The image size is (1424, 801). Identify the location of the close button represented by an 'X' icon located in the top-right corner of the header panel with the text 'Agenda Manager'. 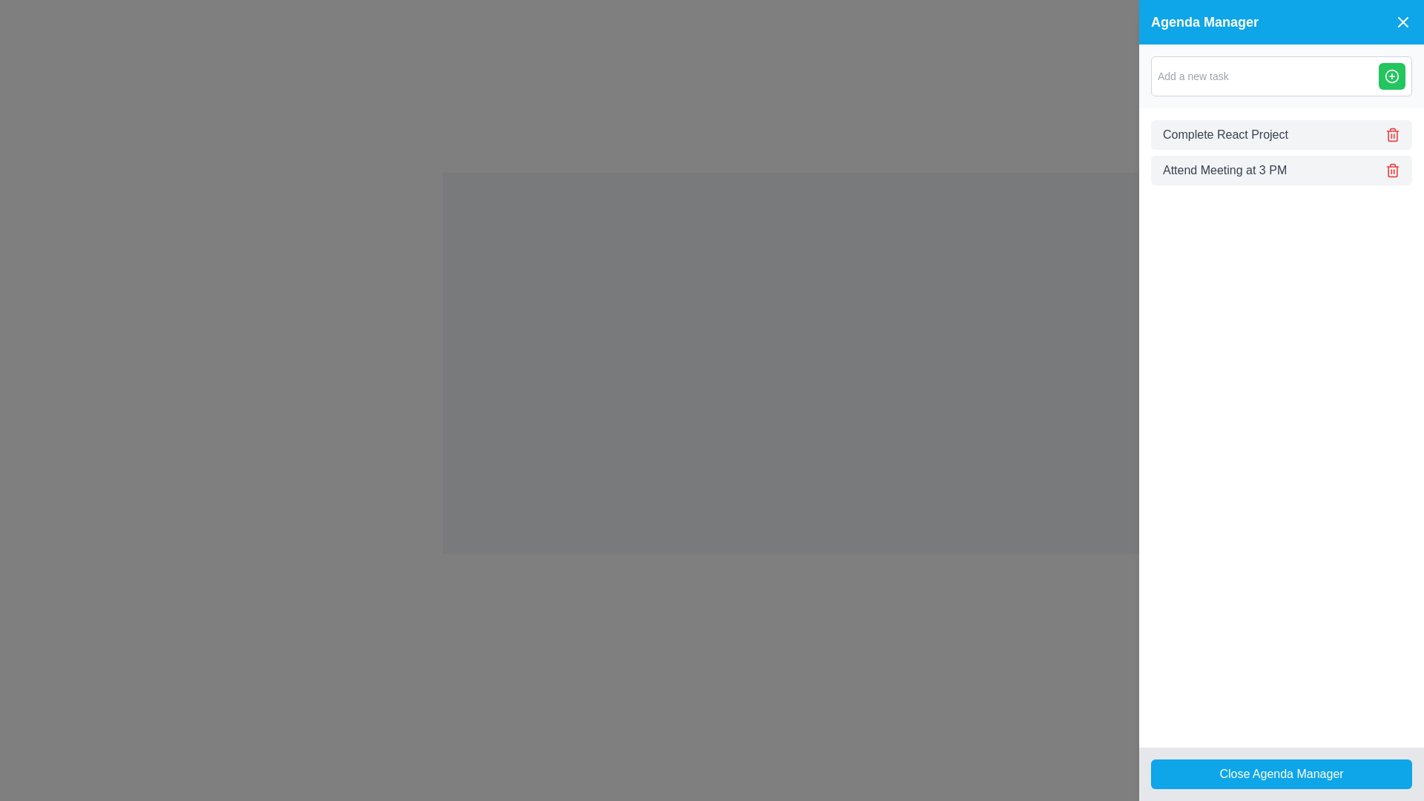
(1402, 22).